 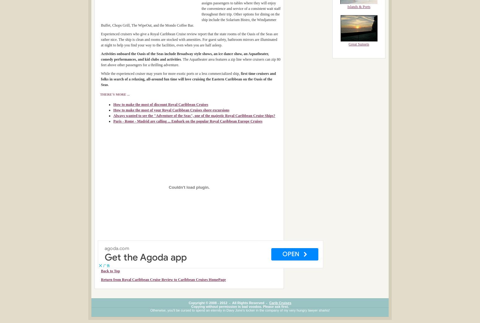 What do you see at coordinates (163, 279) in the screenshot?
I see `'Return from Royal Caribbean
Cruise Review to
Caribbean Cruises HomePage'` at bounding box center [163, 279].